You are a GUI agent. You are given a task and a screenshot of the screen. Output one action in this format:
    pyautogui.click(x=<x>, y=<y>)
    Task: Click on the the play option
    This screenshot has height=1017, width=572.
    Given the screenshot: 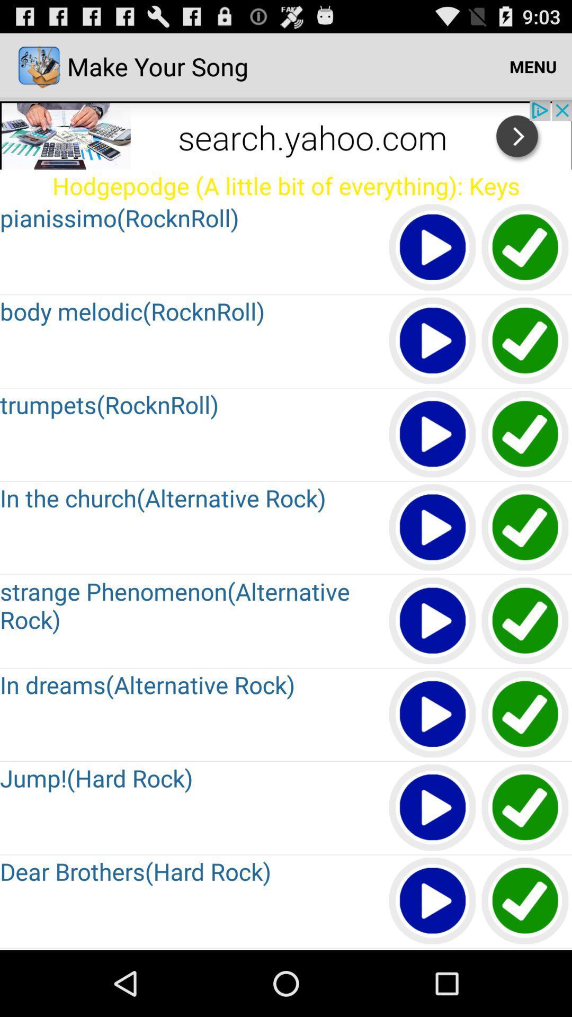 What is the action you would take?
    pyautogui.click(x=433, y=247)
    